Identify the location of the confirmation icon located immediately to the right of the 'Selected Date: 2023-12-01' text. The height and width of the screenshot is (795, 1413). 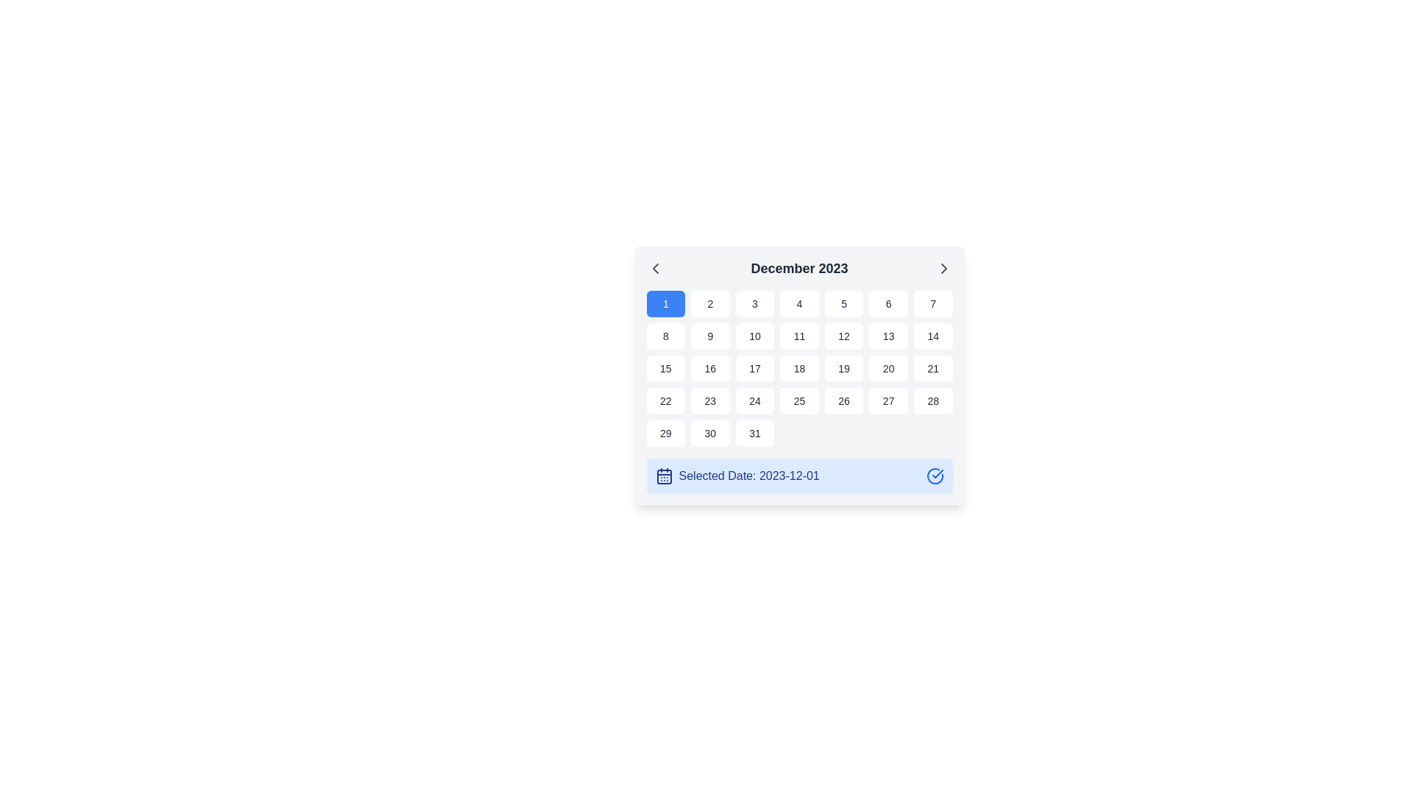
(934, 476).